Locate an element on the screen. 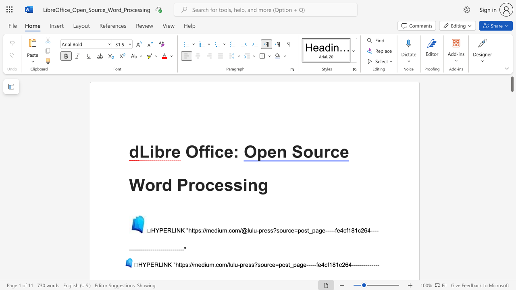 The image size is (516, 290). the side scrollbar to bring the page down is located at coordinates (512, 273).